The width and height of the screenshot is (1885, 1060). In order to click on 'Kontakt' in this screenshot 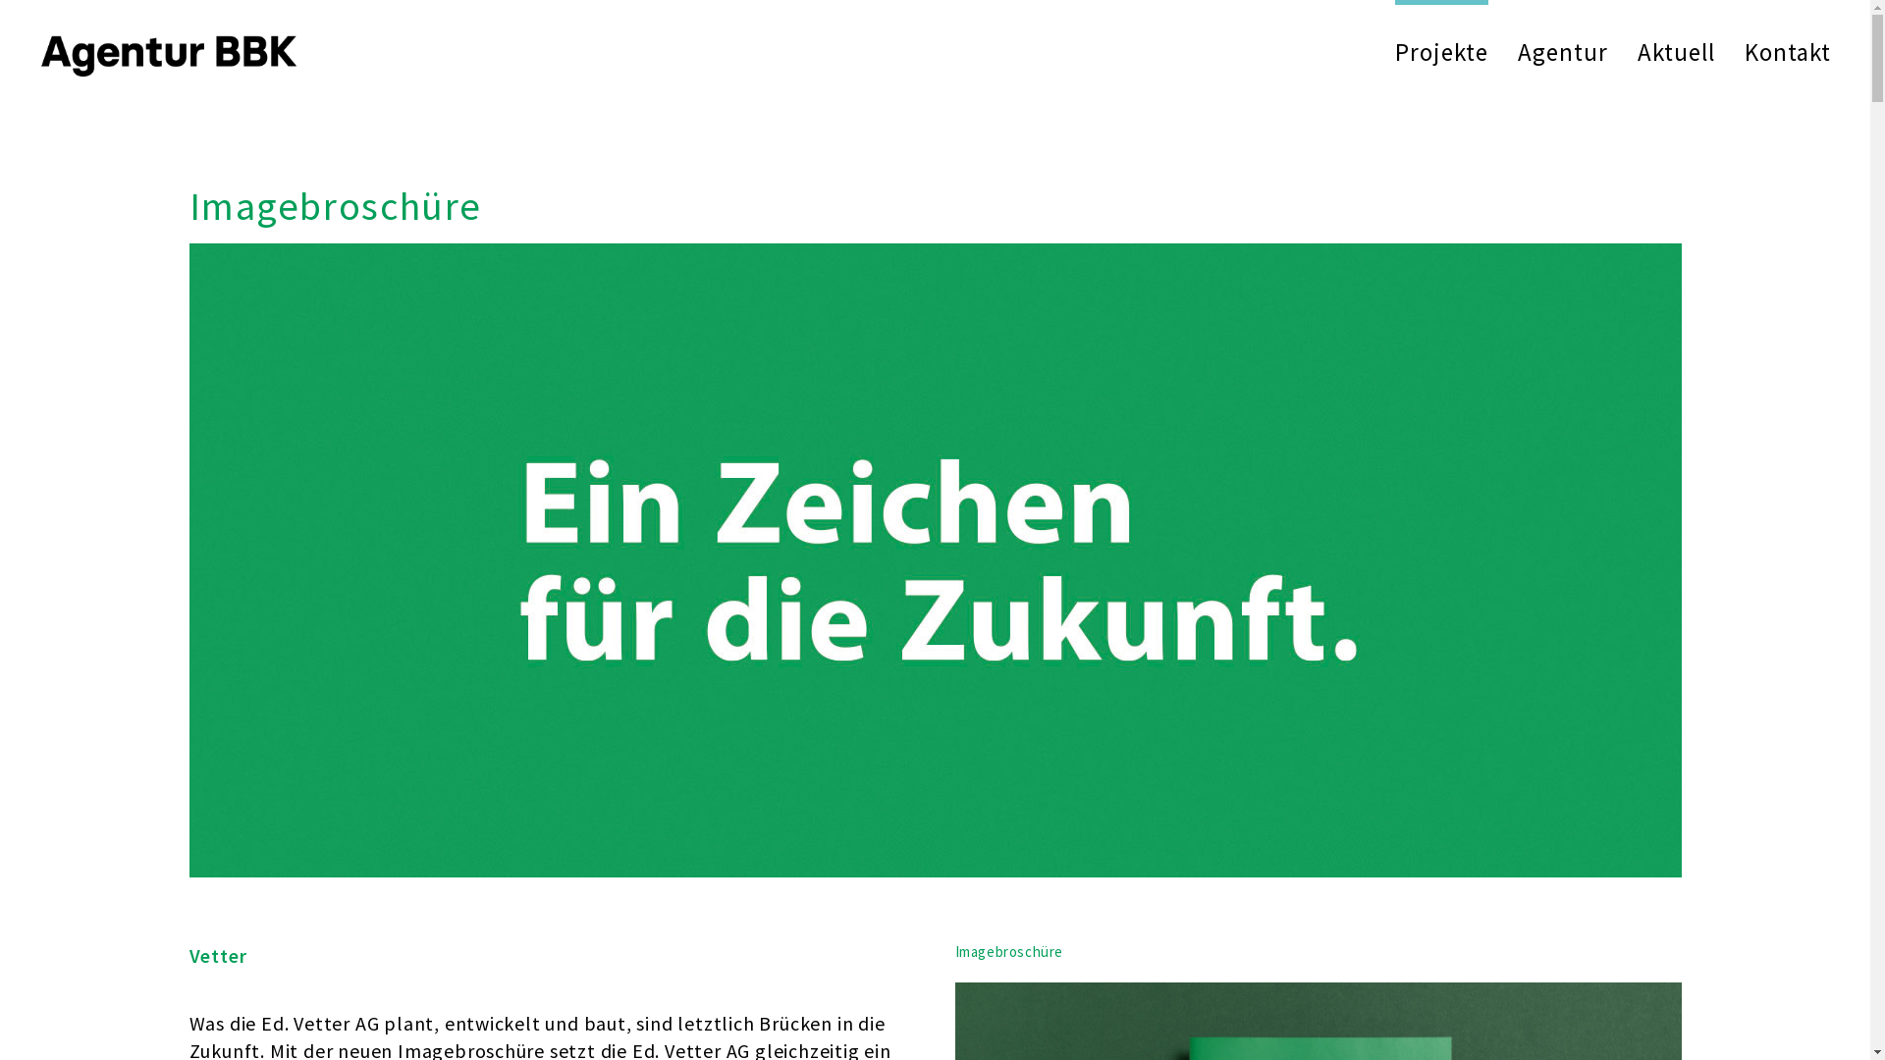, I will do `click(1744, 51)`.